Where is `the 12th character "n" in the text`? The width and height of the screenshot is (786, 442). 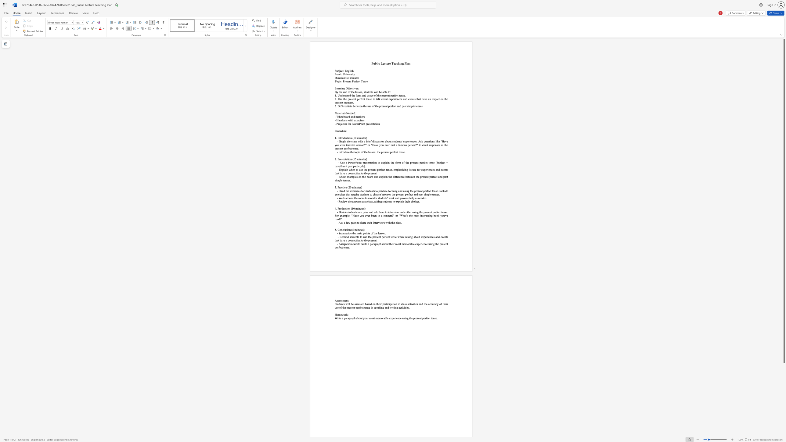
the 12th character "n" in the text is located at coordinates (415, 194).